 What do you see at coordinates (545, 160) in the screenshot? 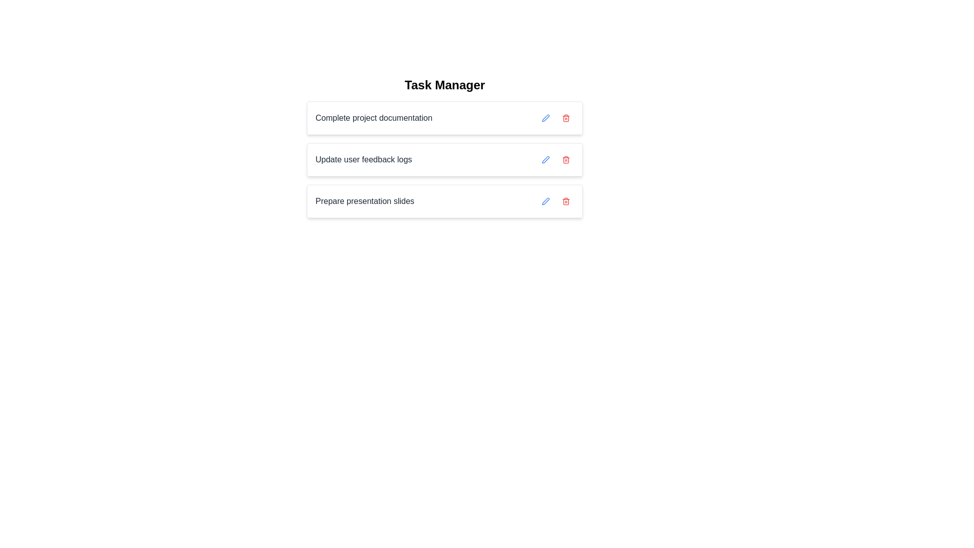
I see `the edit button for the task 'Update user feedback logs'` at bounding box center [545, 160].